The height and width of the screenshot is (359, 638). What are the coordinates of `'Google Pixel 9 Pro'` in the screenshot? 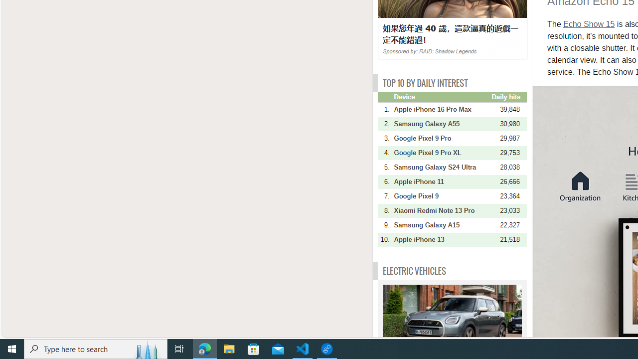 It's located at (441, 138).